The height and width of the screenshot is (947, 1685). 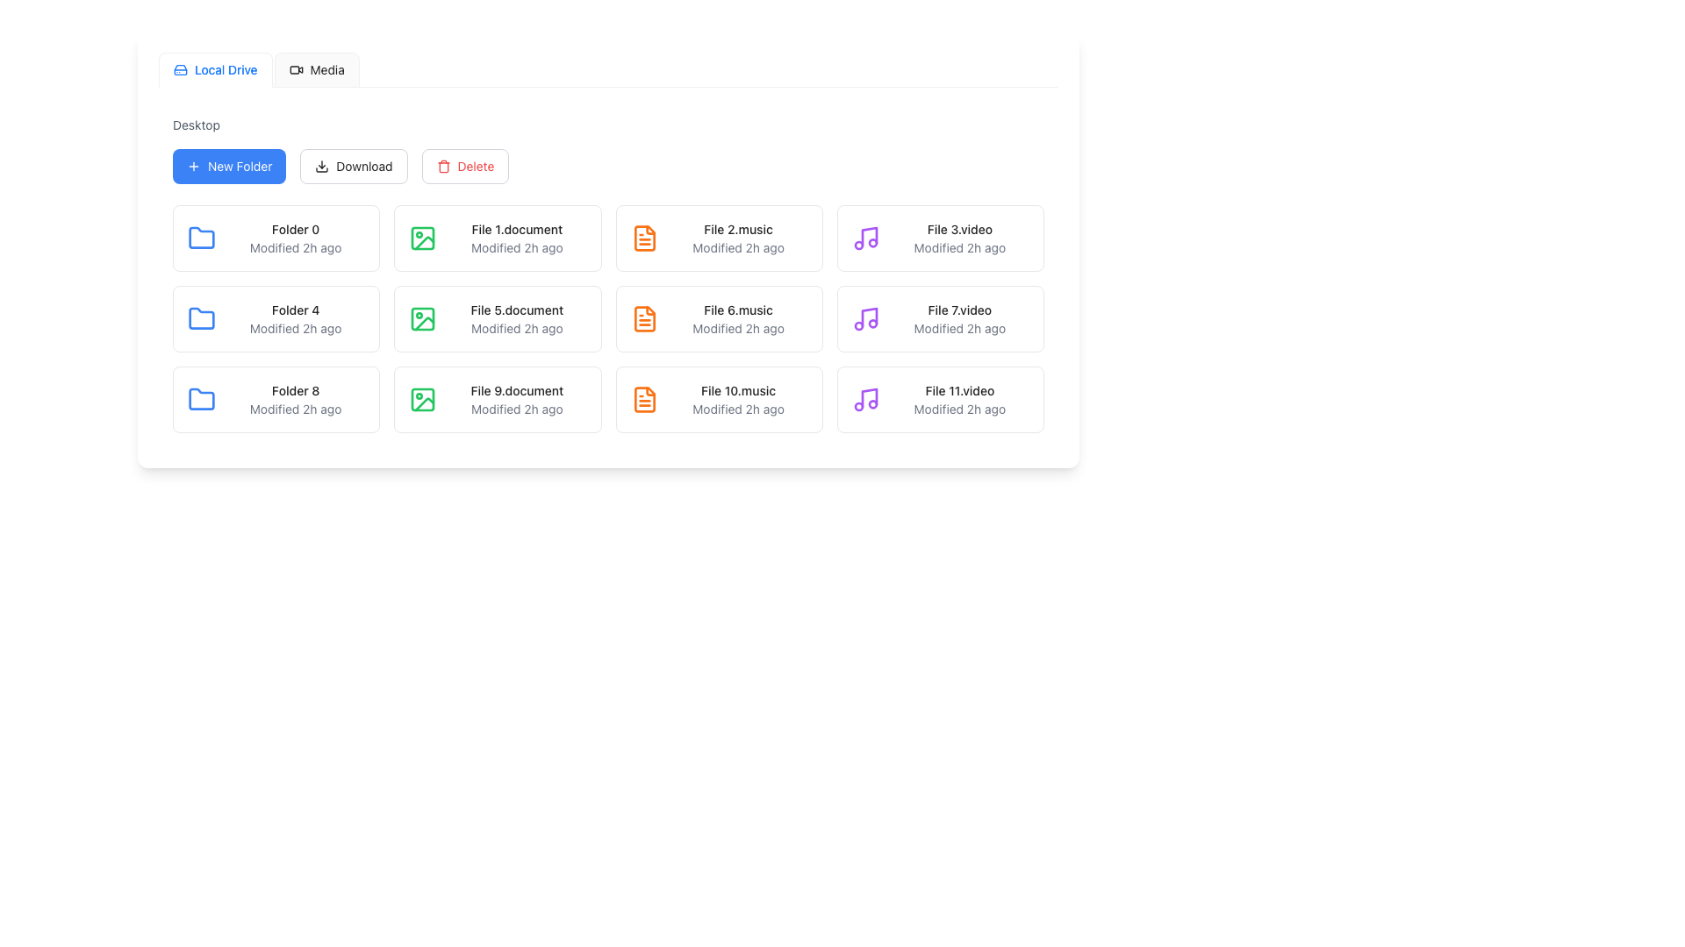 I want to click on the 'Media' tab, which is a rectangular button with a video camera icon, so click(x=317, y=69).